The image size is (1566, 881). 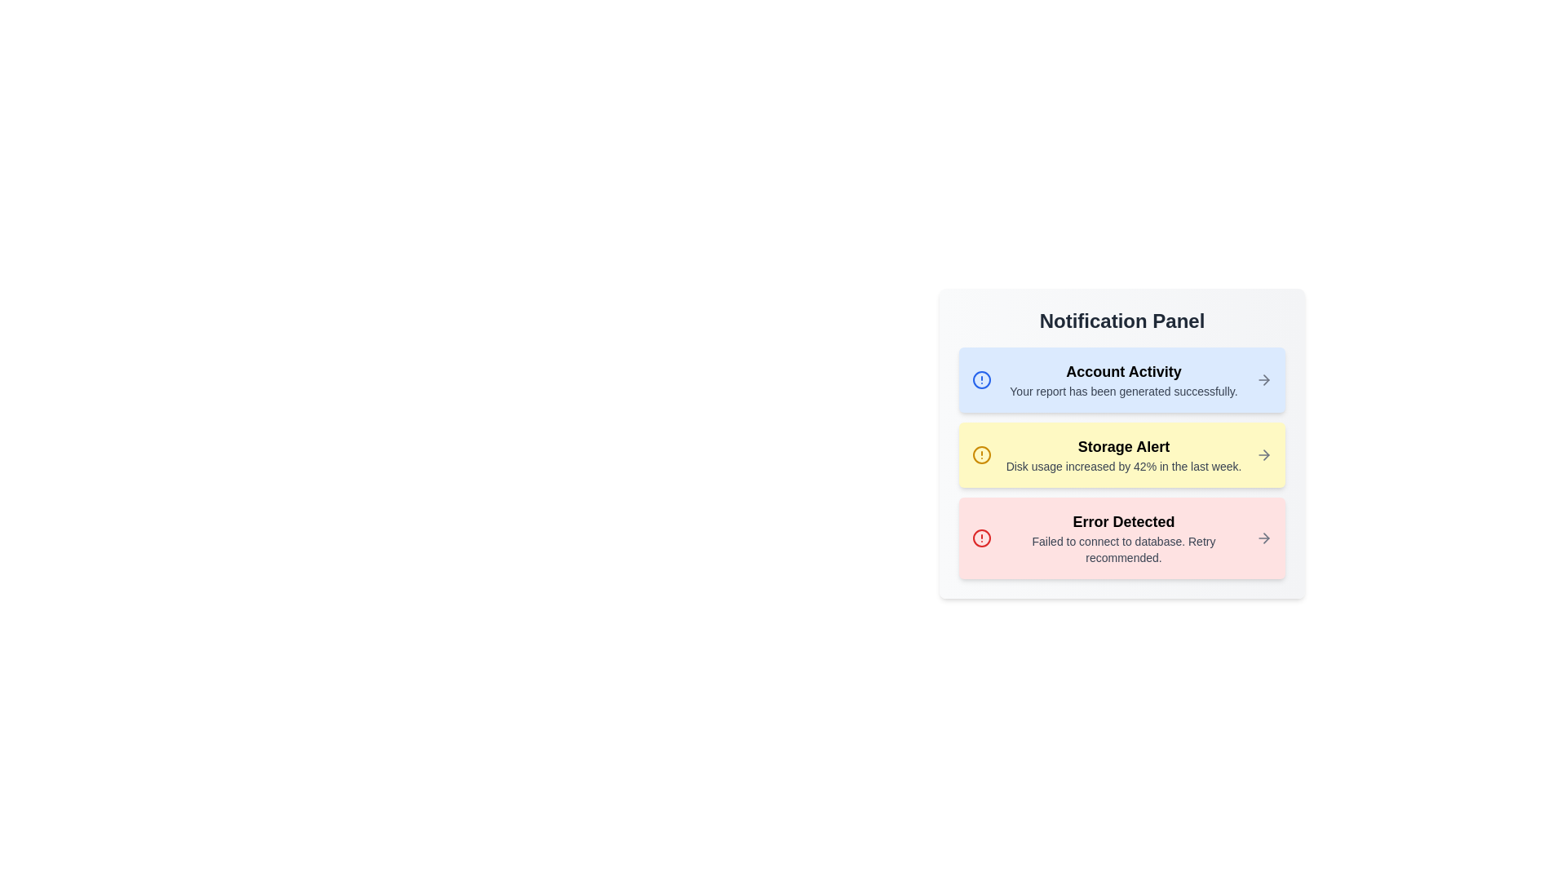 What do you see at coordinates (1263, 455) in the screenshot?
I see `the arrow icon corresponding to the notification 2` at bounding box center [1263, 455].